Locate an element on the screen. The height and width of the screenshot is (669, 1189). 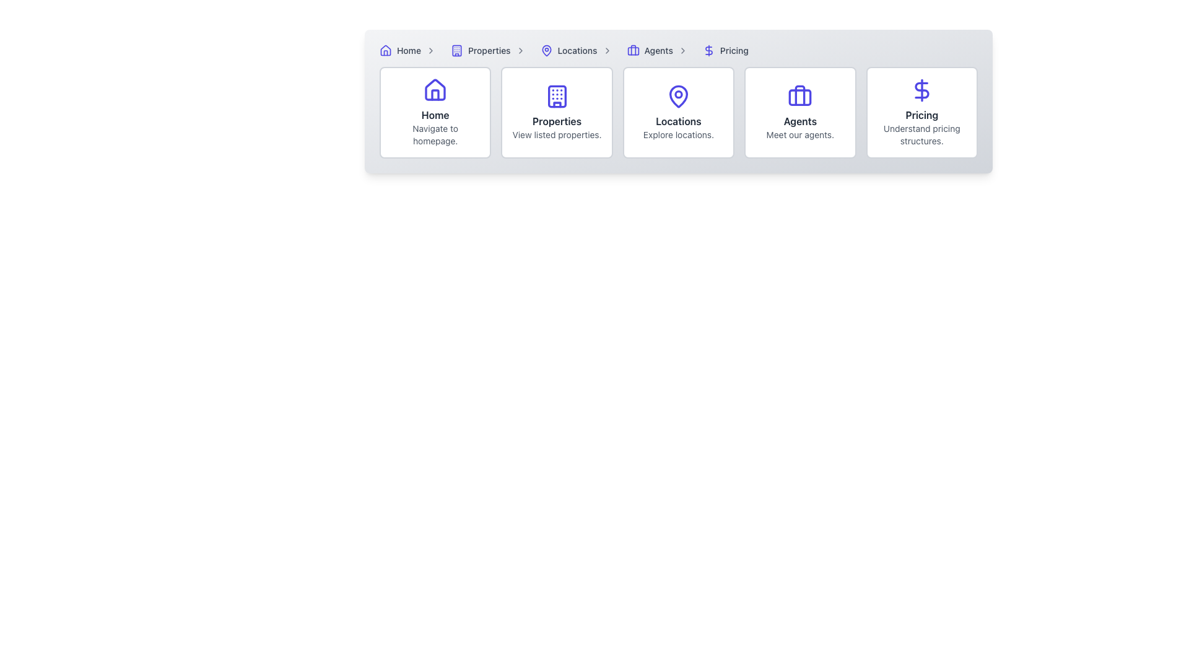
the 'Properties' card, which has an indigo building icon and the title 'Properties' in bold is located at coordinates (556, 112).